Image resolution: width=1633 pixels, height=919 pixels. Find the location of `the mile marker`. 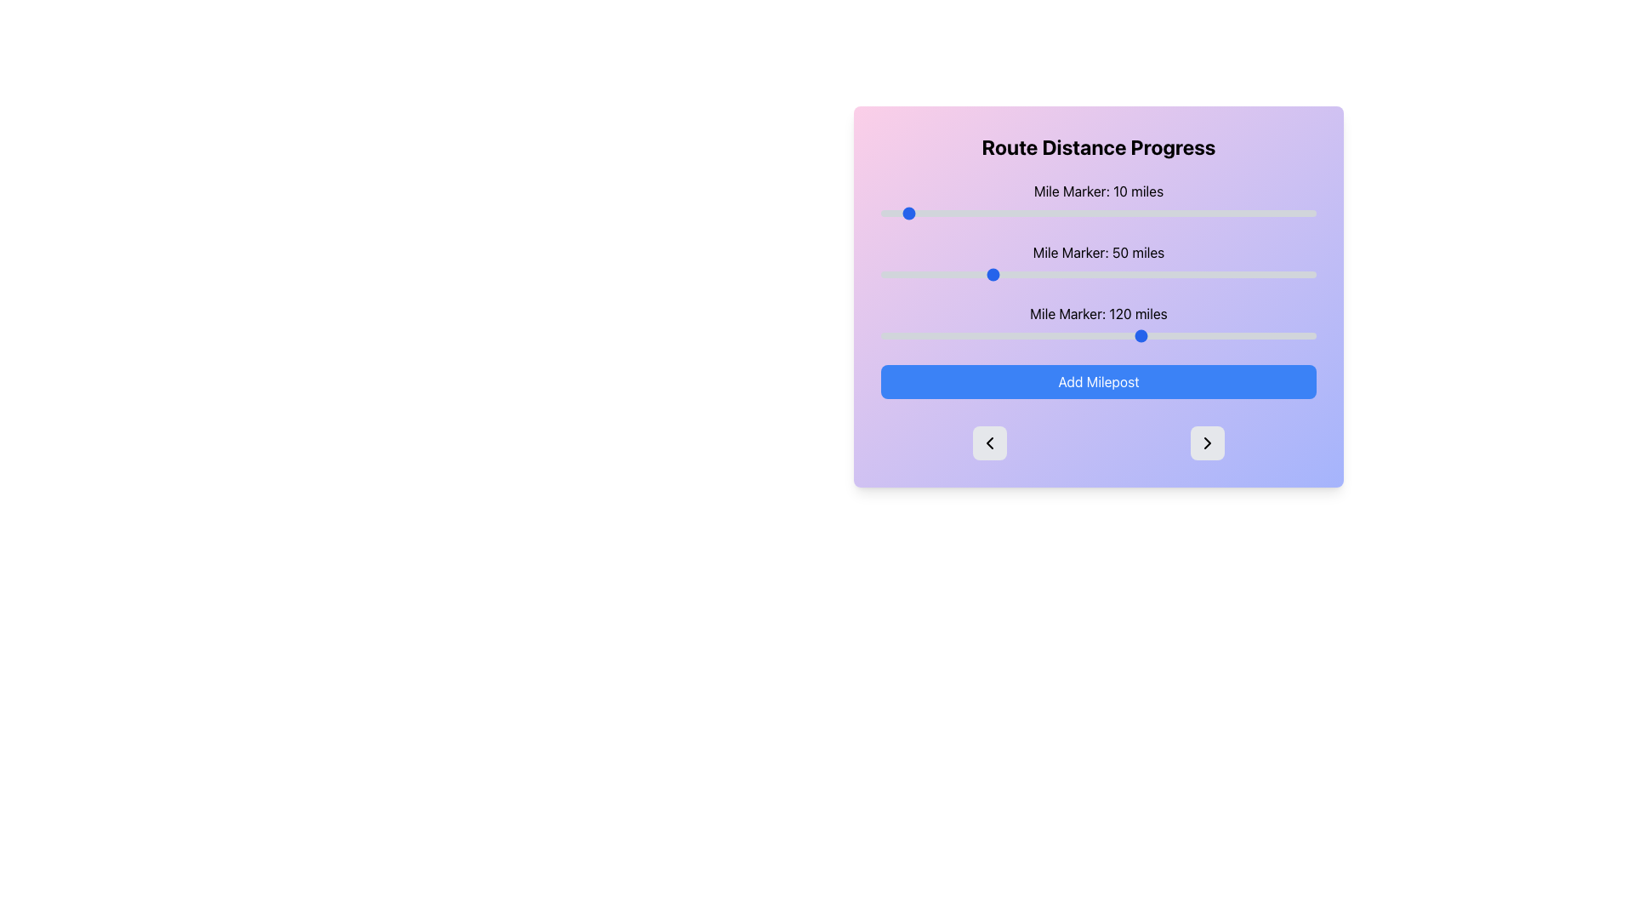

the mile marker is located at coordinates (1063, 335).